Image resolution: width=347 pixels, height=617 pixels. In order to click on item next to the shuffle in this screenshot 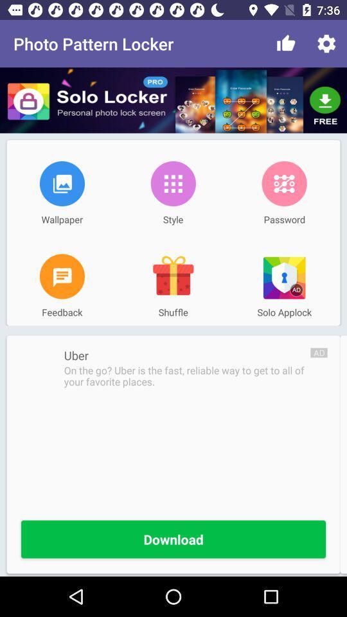, I will do `click(61, 276)`.